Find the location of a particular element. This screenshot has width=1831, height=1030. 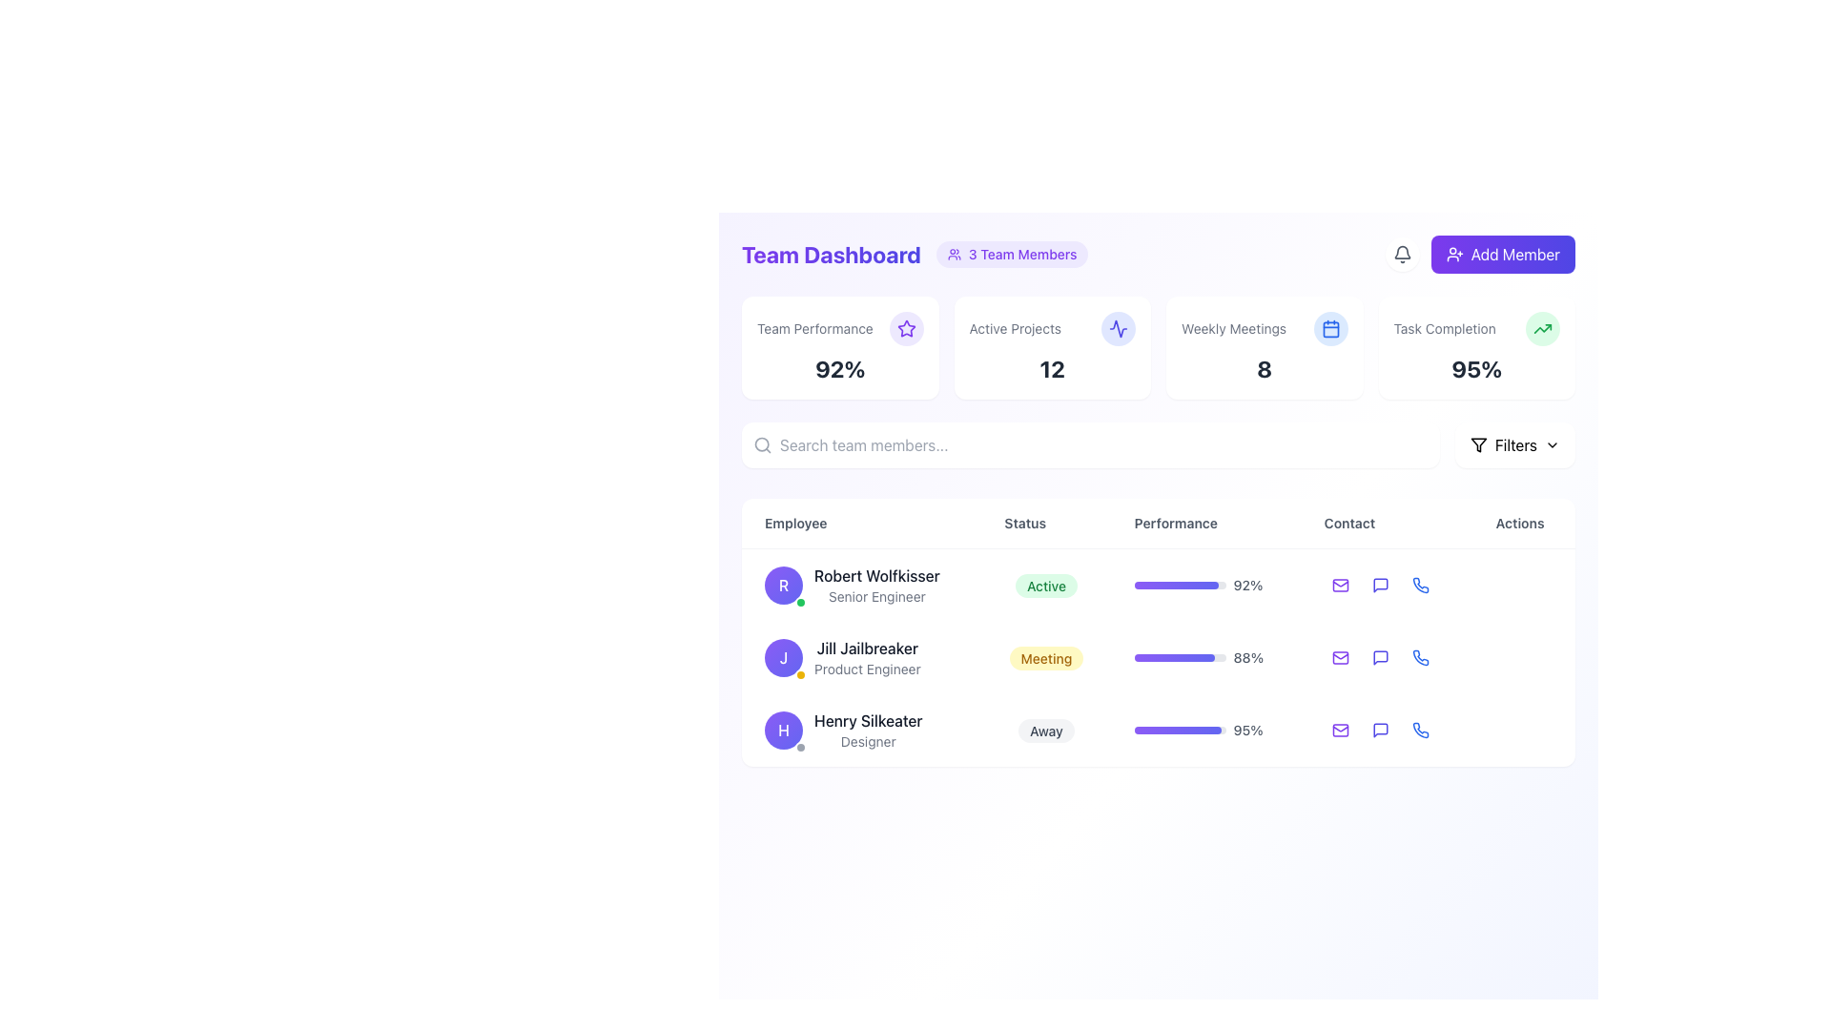

the email button in the 'Actions' column for the last entry labeled 'Henry Silkeater' is located at coordinates (1339, 730).